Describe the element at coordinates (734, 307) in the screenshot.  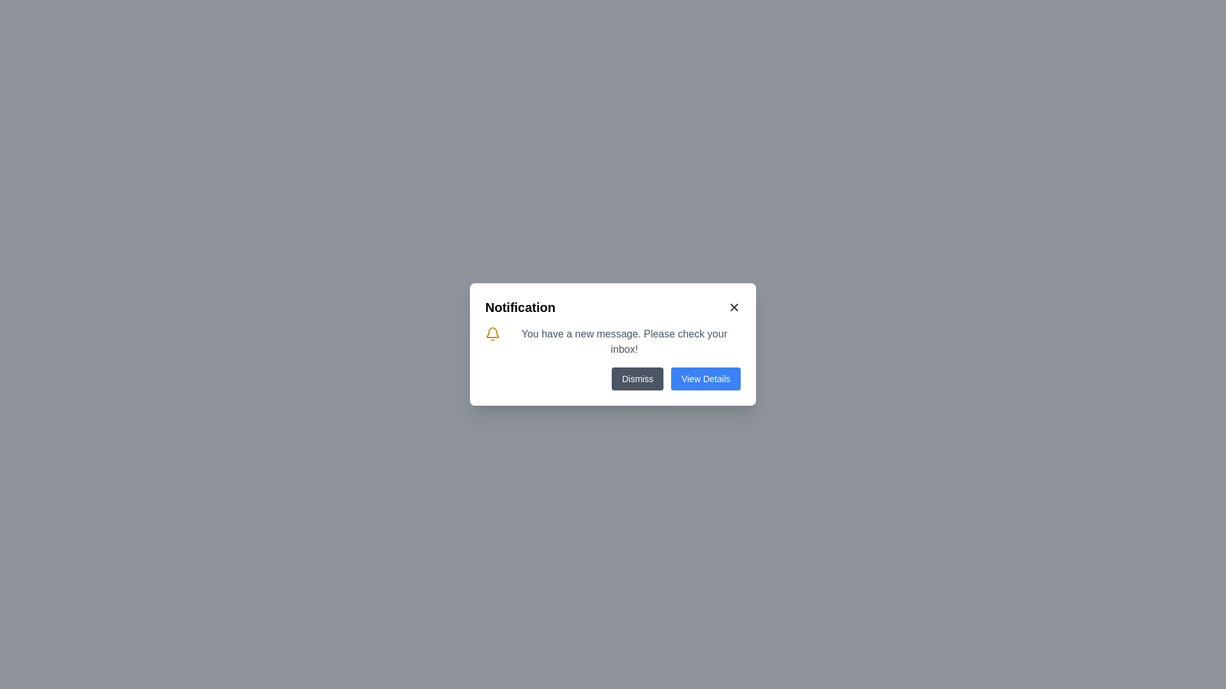
I see `the close icon button located at the top right corner of the notification card` at that location.